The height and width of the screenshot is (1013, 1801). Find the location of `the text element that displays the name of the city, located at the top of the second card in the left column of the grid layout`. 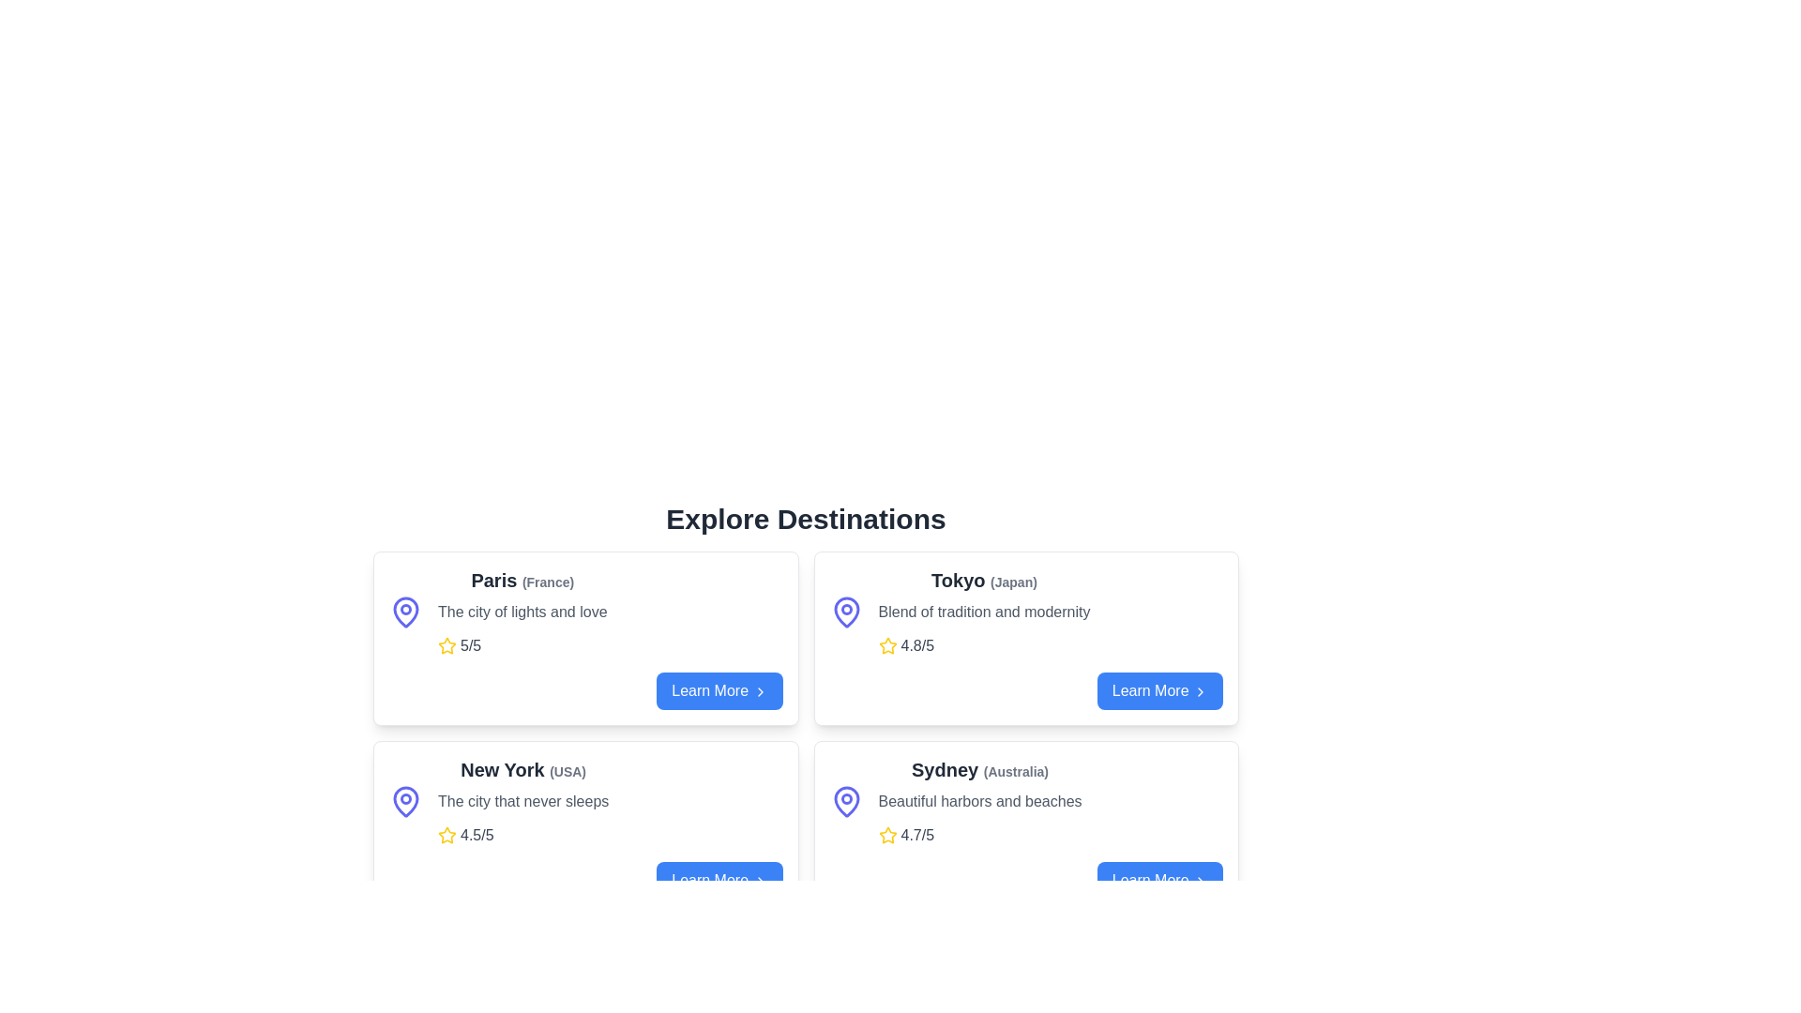

the text element that displays the name of the city, located at the top of the second card in the left column of the grid layout is located at coordinates (523, 770).